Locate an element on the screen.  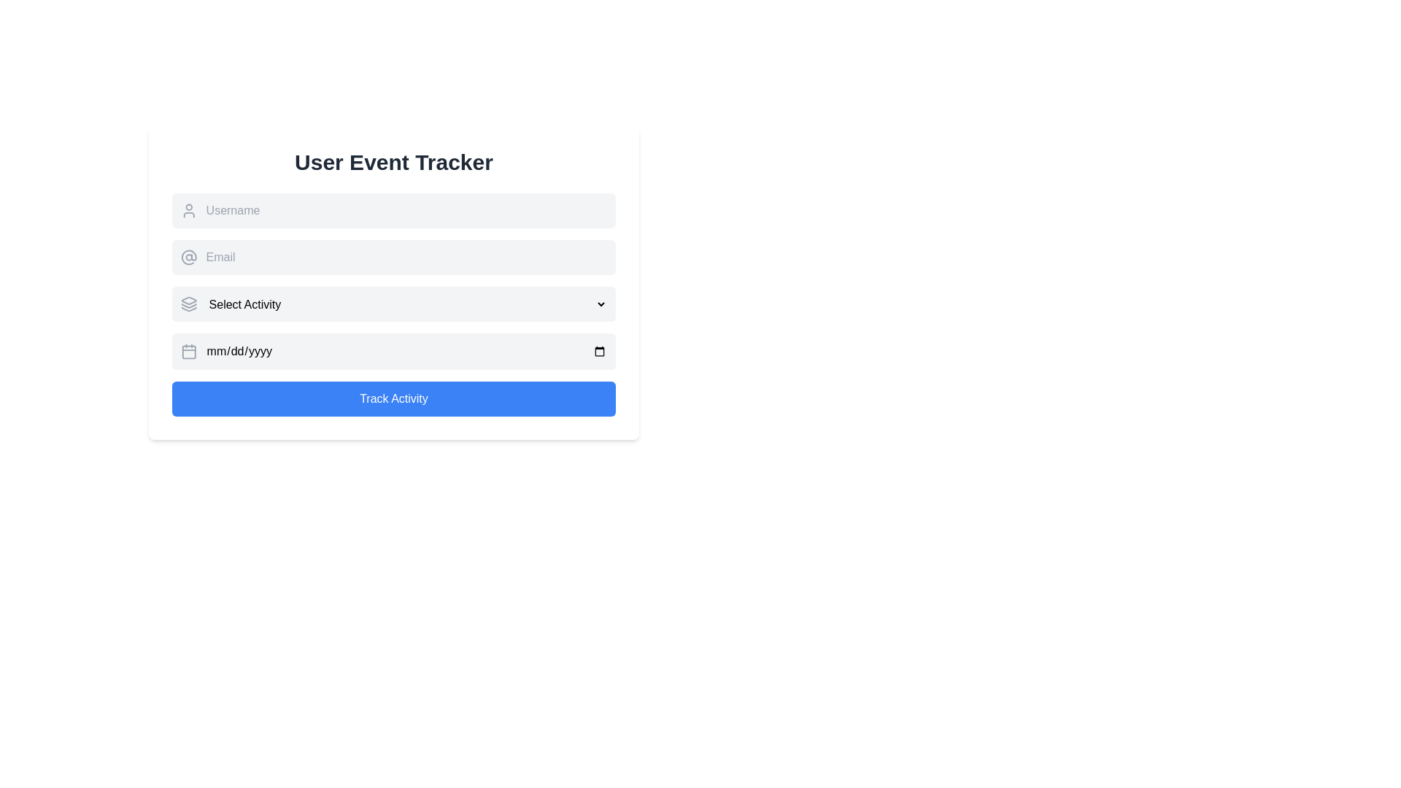
the button labeled 'Track Activity' with a blue background and white text, located at the bottom of the vertical form layout is located at coordinates (393, 399).